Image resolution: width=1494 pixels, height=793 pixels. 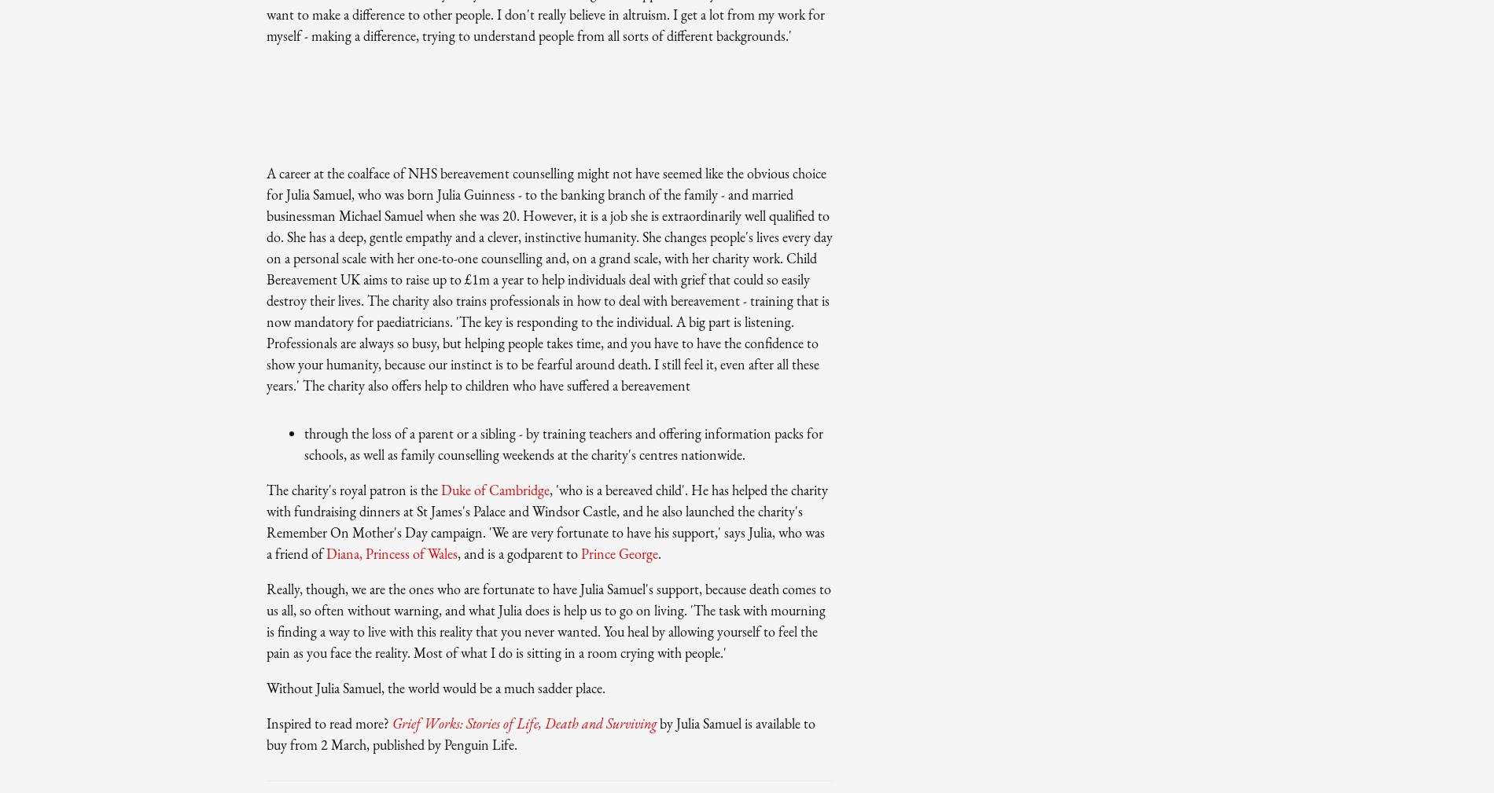 I want to click on 'Grief Works: Stories of Life, Death and Surviving', so click(x=524, y=722).